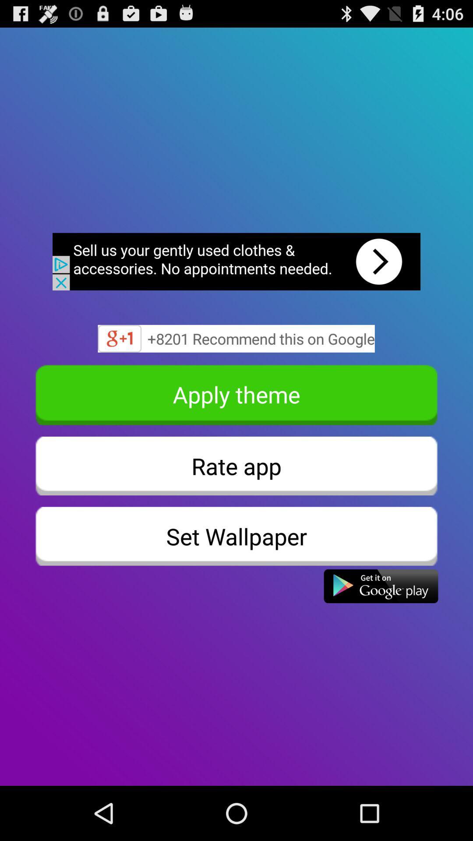 This screenshot has height=841, width=473. I want to click on link to advertisement, so click(236, 261).